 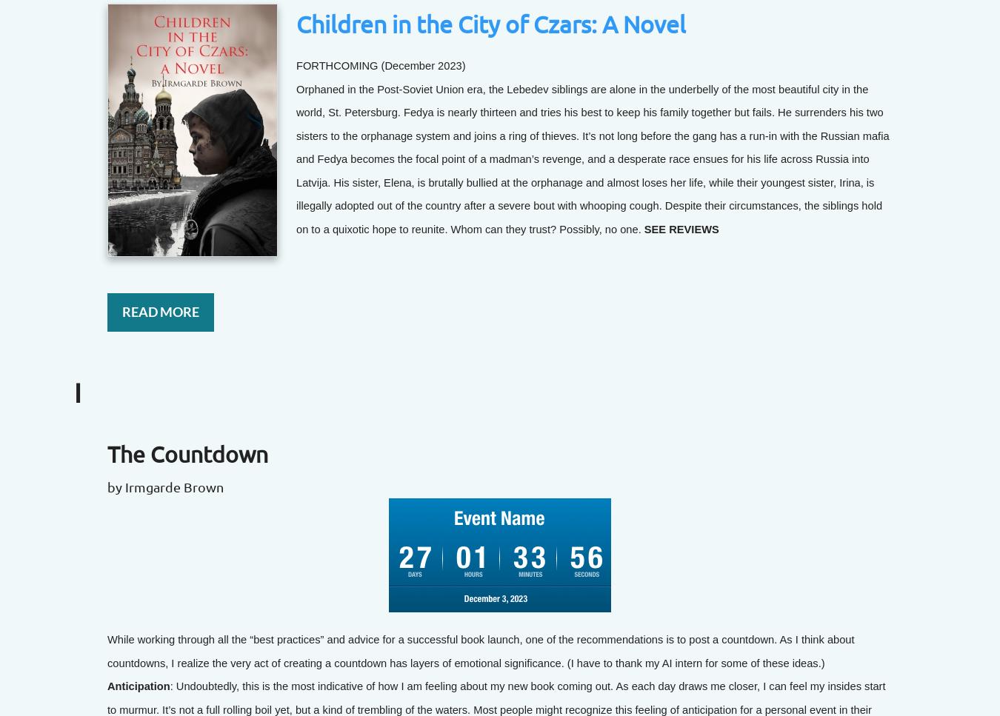 What do you see at coordinates (490, 24) in the screenshot?
I see `'Children in the City of Czars: A Novel'` at bounding box center [490, 24].